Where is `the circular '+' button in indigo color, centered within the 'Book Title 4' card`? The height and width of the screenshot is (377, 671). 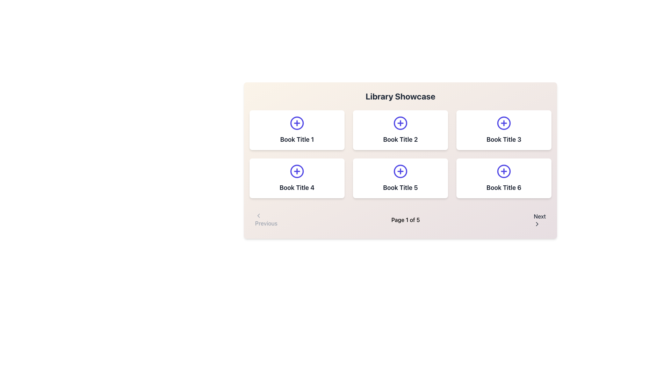 the circular '+' button in indigo color, centered within the 'Book Title 4' card is located at coordinates (297, 171).